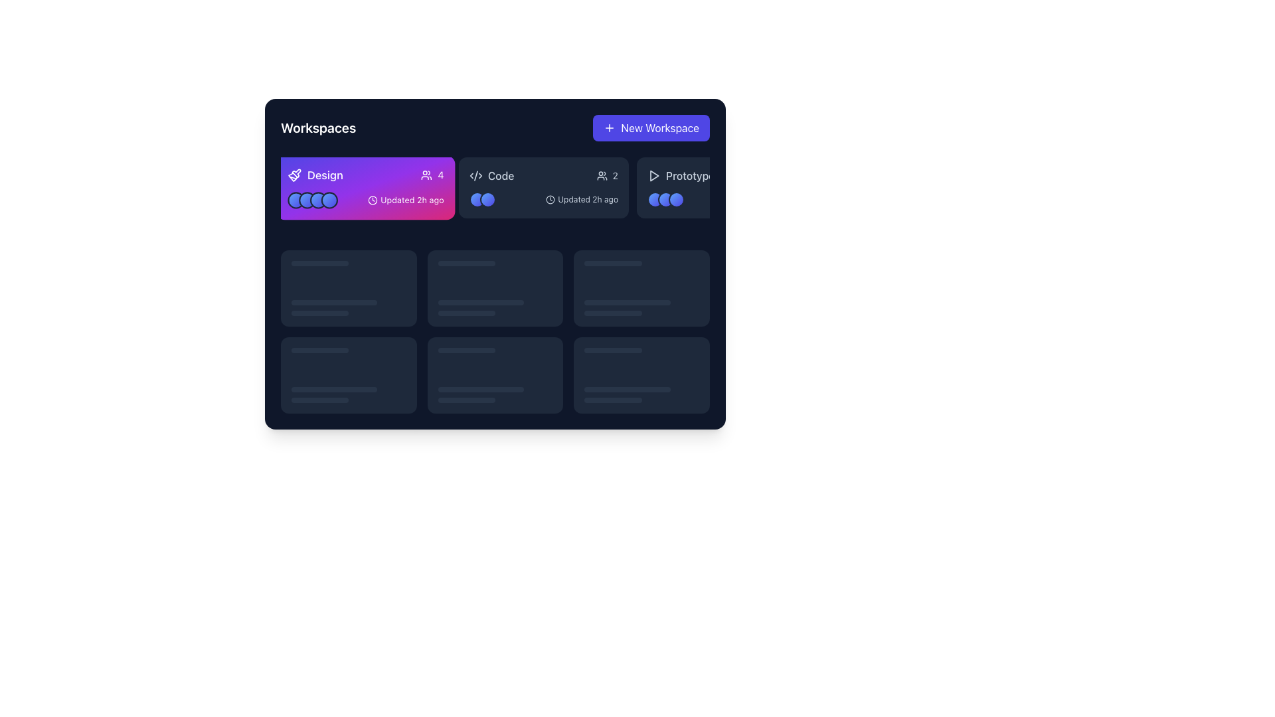 The image size is (1275, 717). What do you see at coordinates (582, 199) in the screenshot?
I see `the text element displaying the last update time for the associated card located in the second card under the 'Code' section` at bounding box center [582, 199].